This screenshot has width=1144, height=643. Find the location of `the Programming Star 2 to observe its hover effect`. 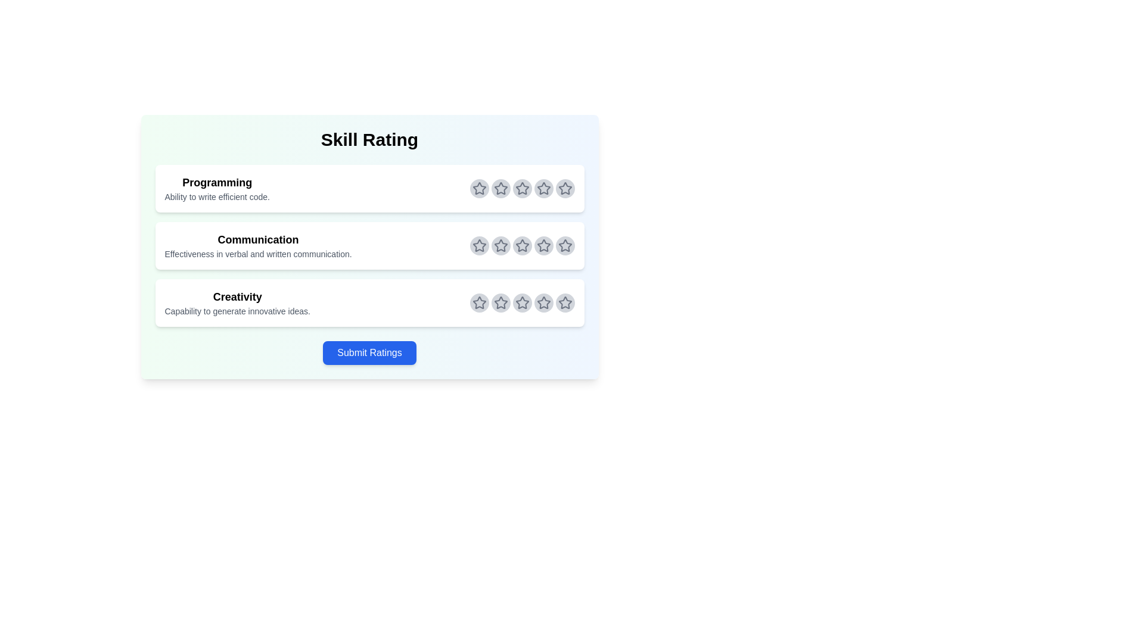

the Programming Star 2 to observe its hover effect is located at coordinates (500, 188).